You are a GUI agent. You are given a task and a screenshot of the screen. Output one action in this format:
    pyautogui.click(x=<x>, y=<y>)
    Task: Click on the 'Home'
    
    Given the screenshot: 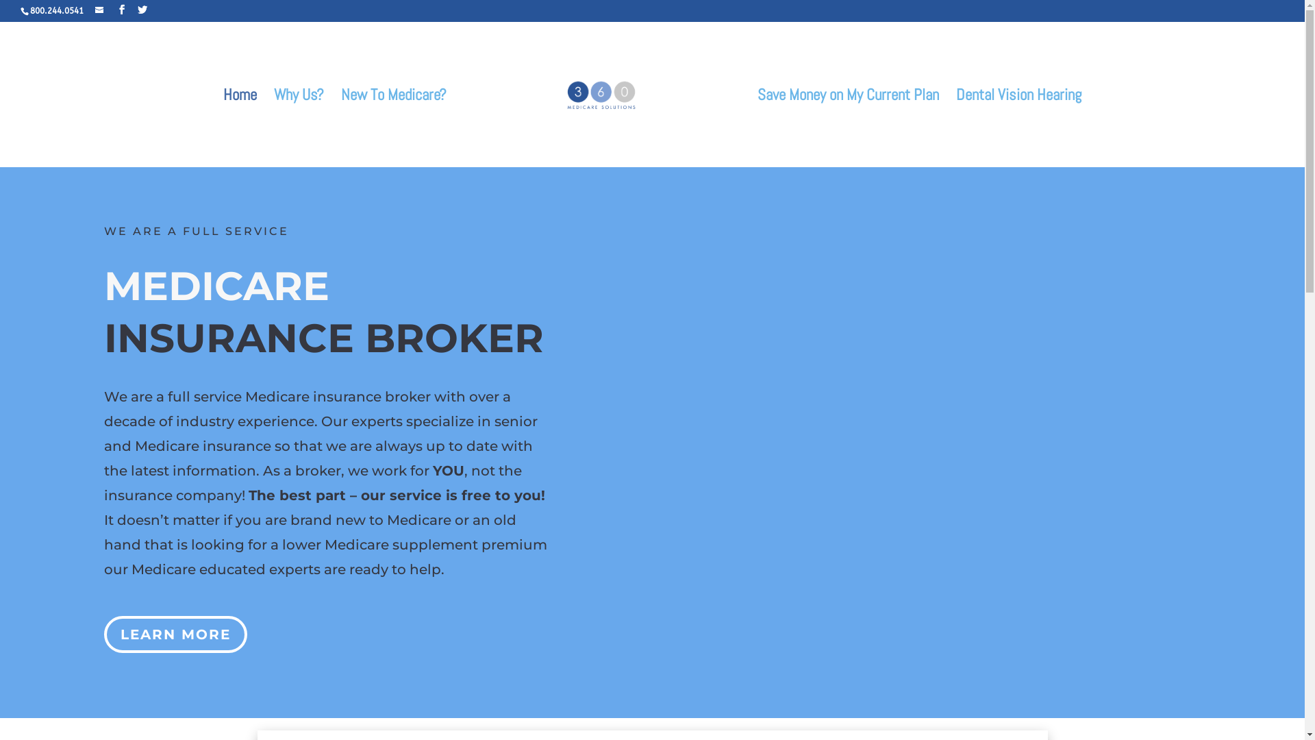 What is the action you would take?
    pyautogui.click(x=240, y=128)
    